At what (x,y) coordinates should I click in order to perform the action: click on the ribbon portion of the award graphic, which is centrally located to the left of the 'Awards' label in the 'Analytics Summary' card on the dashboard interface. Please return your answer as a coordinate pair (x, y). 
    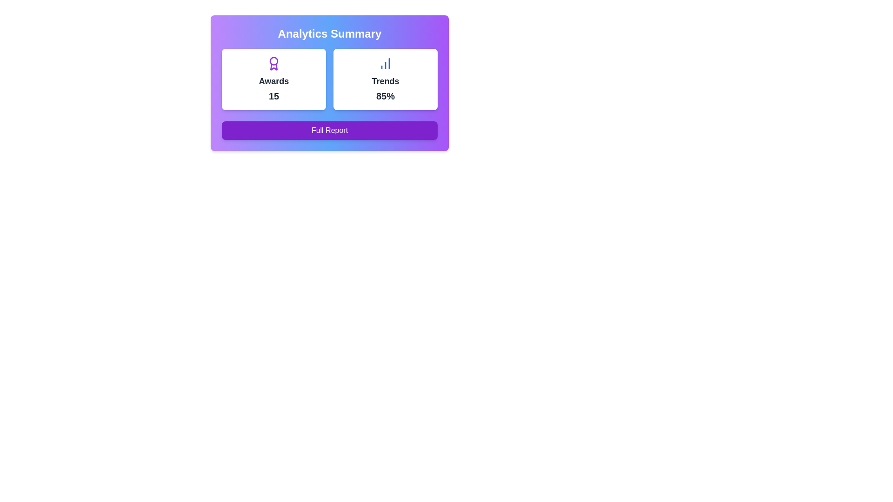
    Looking at the image, I should click on (273, 66).